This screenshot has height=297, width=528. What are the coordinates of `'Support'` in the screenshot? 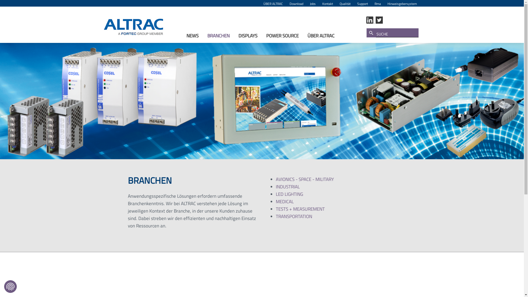 It's located at (354, 3).